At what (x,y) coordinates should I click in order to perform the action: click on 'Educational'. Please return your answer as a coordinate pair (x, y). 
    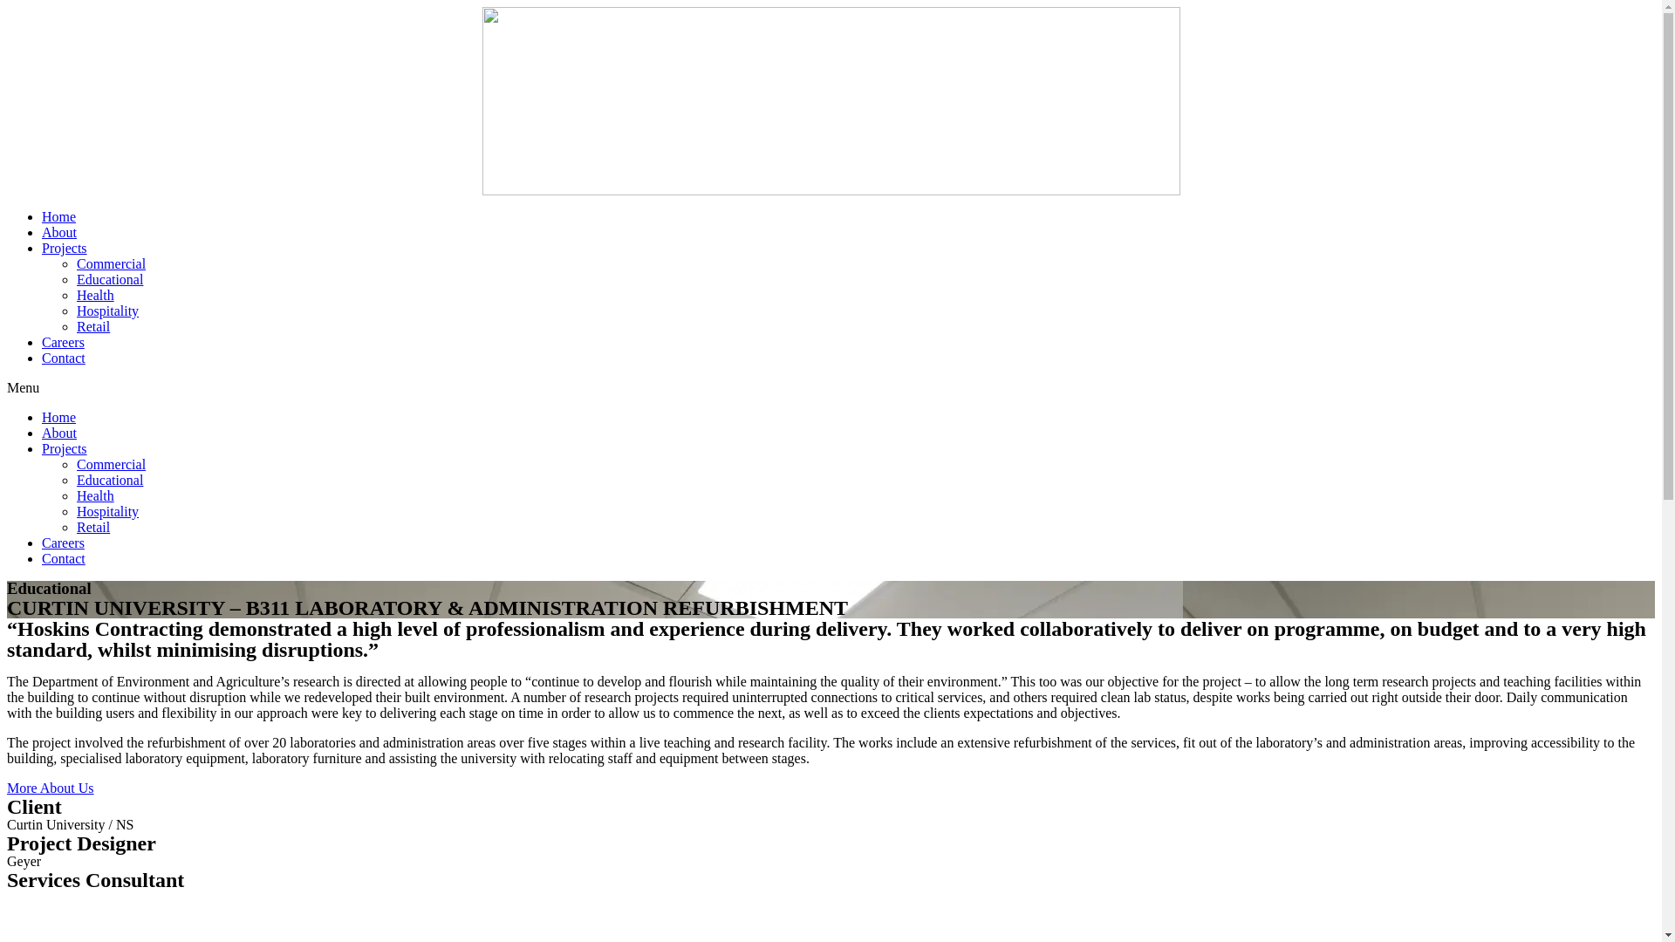
    Looking at the image, I should click on (108, 278).